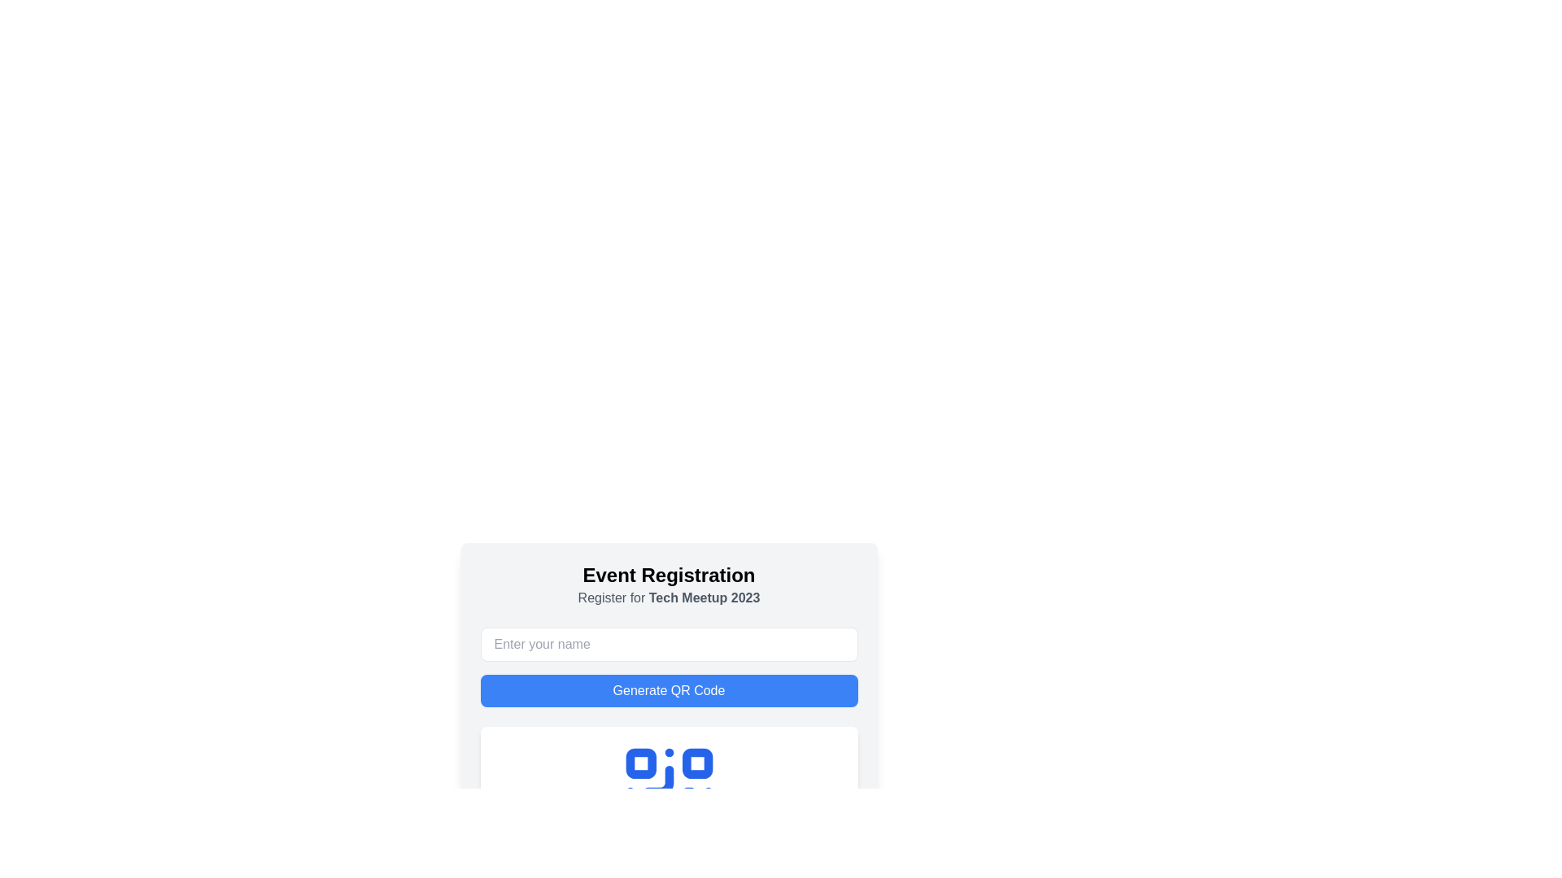 This screenshot has width=1562, height=878. I want to click on the text label header displaying 'Event Registration', which is styled with a 2xl font size and is positioned at the top center of the form interface, so click(669, 575).